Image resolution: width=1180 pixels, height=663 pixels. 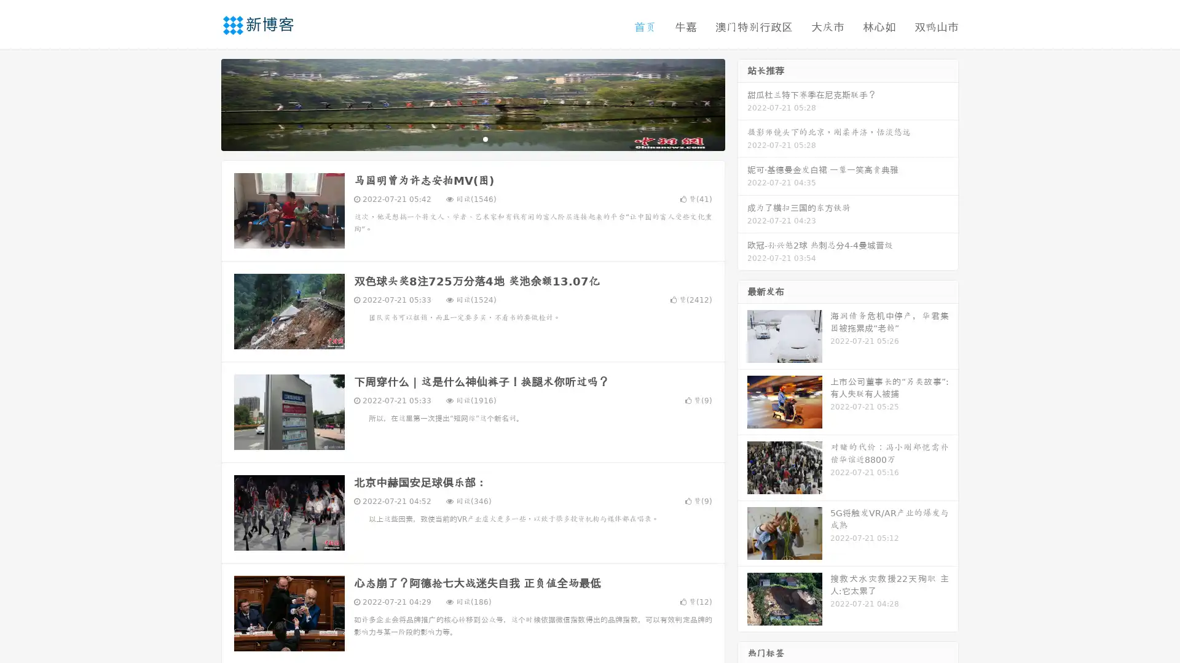 What do you see at coordinates (742, 103) in the screenshot?
I see `Next slide` at bounding box center [742, 103].